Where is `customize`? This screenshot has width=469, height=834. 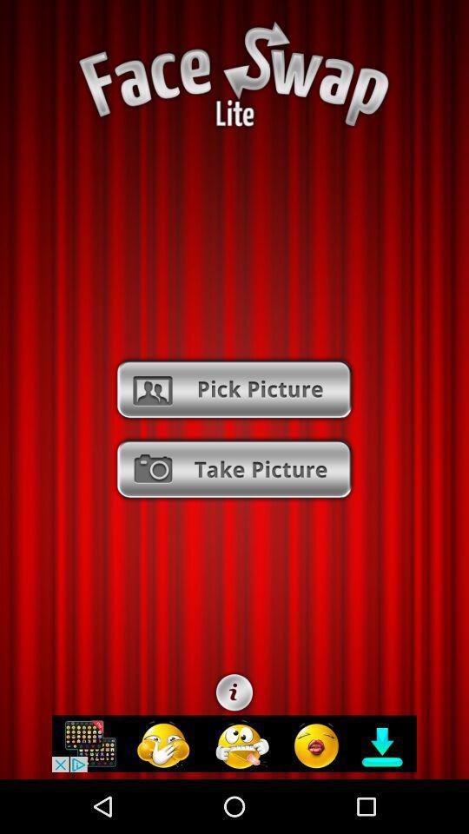 customize is located at coordinates (234, 692).